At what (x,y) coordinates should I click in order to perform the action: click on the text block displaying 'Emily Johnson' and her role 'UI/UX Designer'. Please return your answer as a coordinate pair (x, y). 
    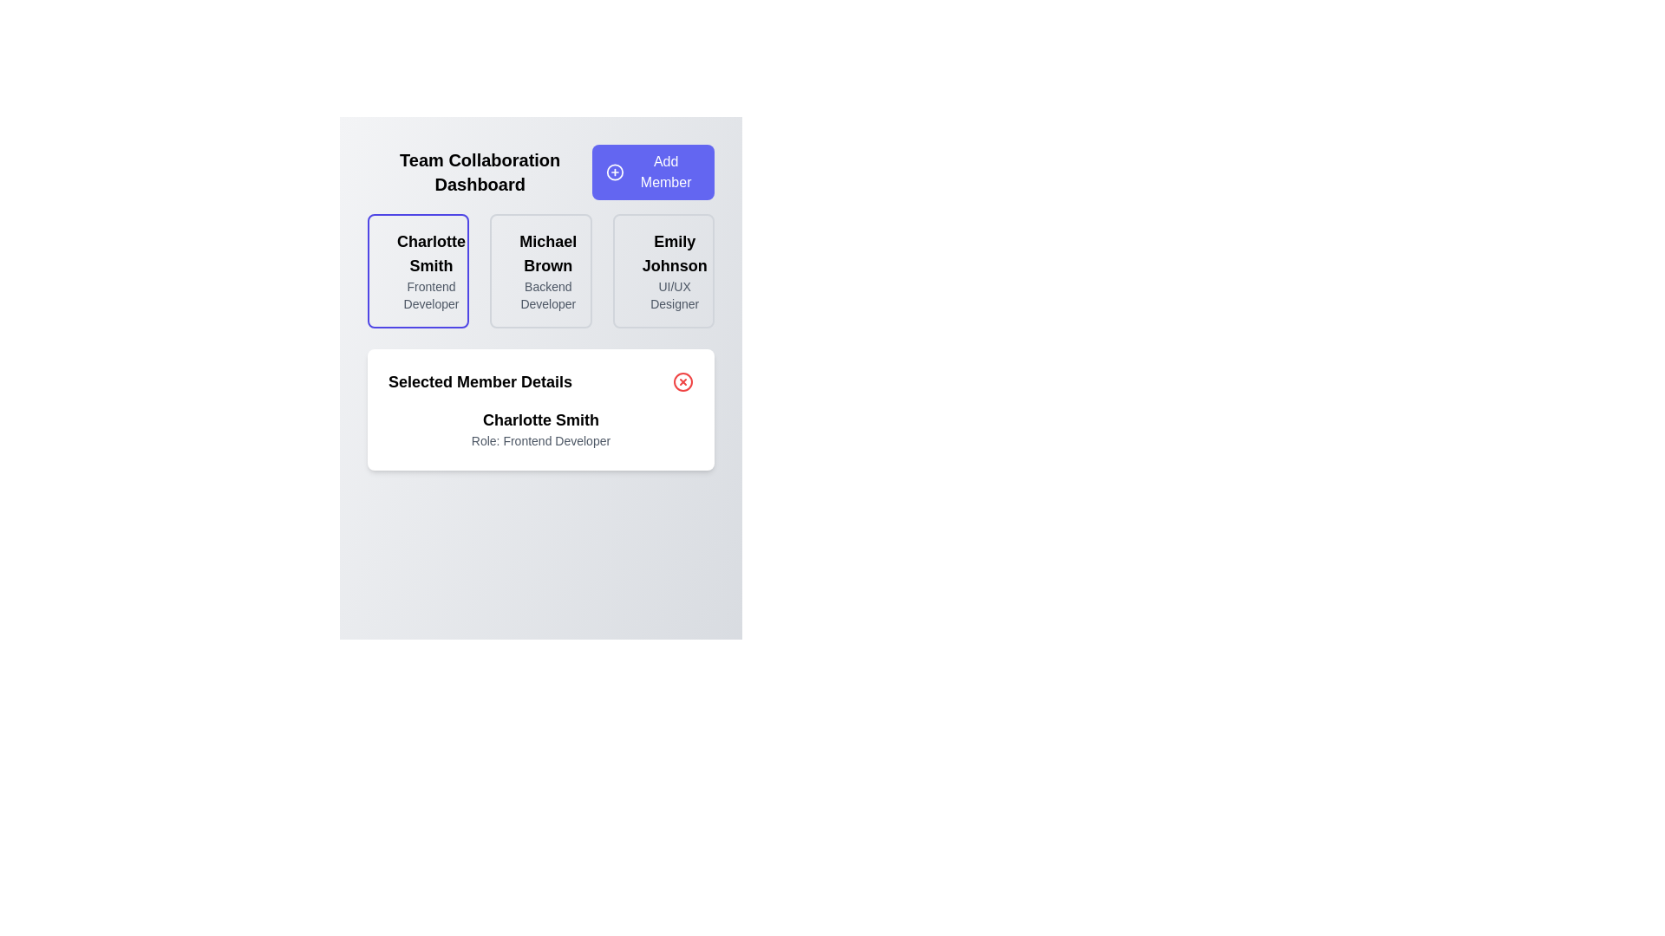
    Looking at the image, I should click on (663, 270).